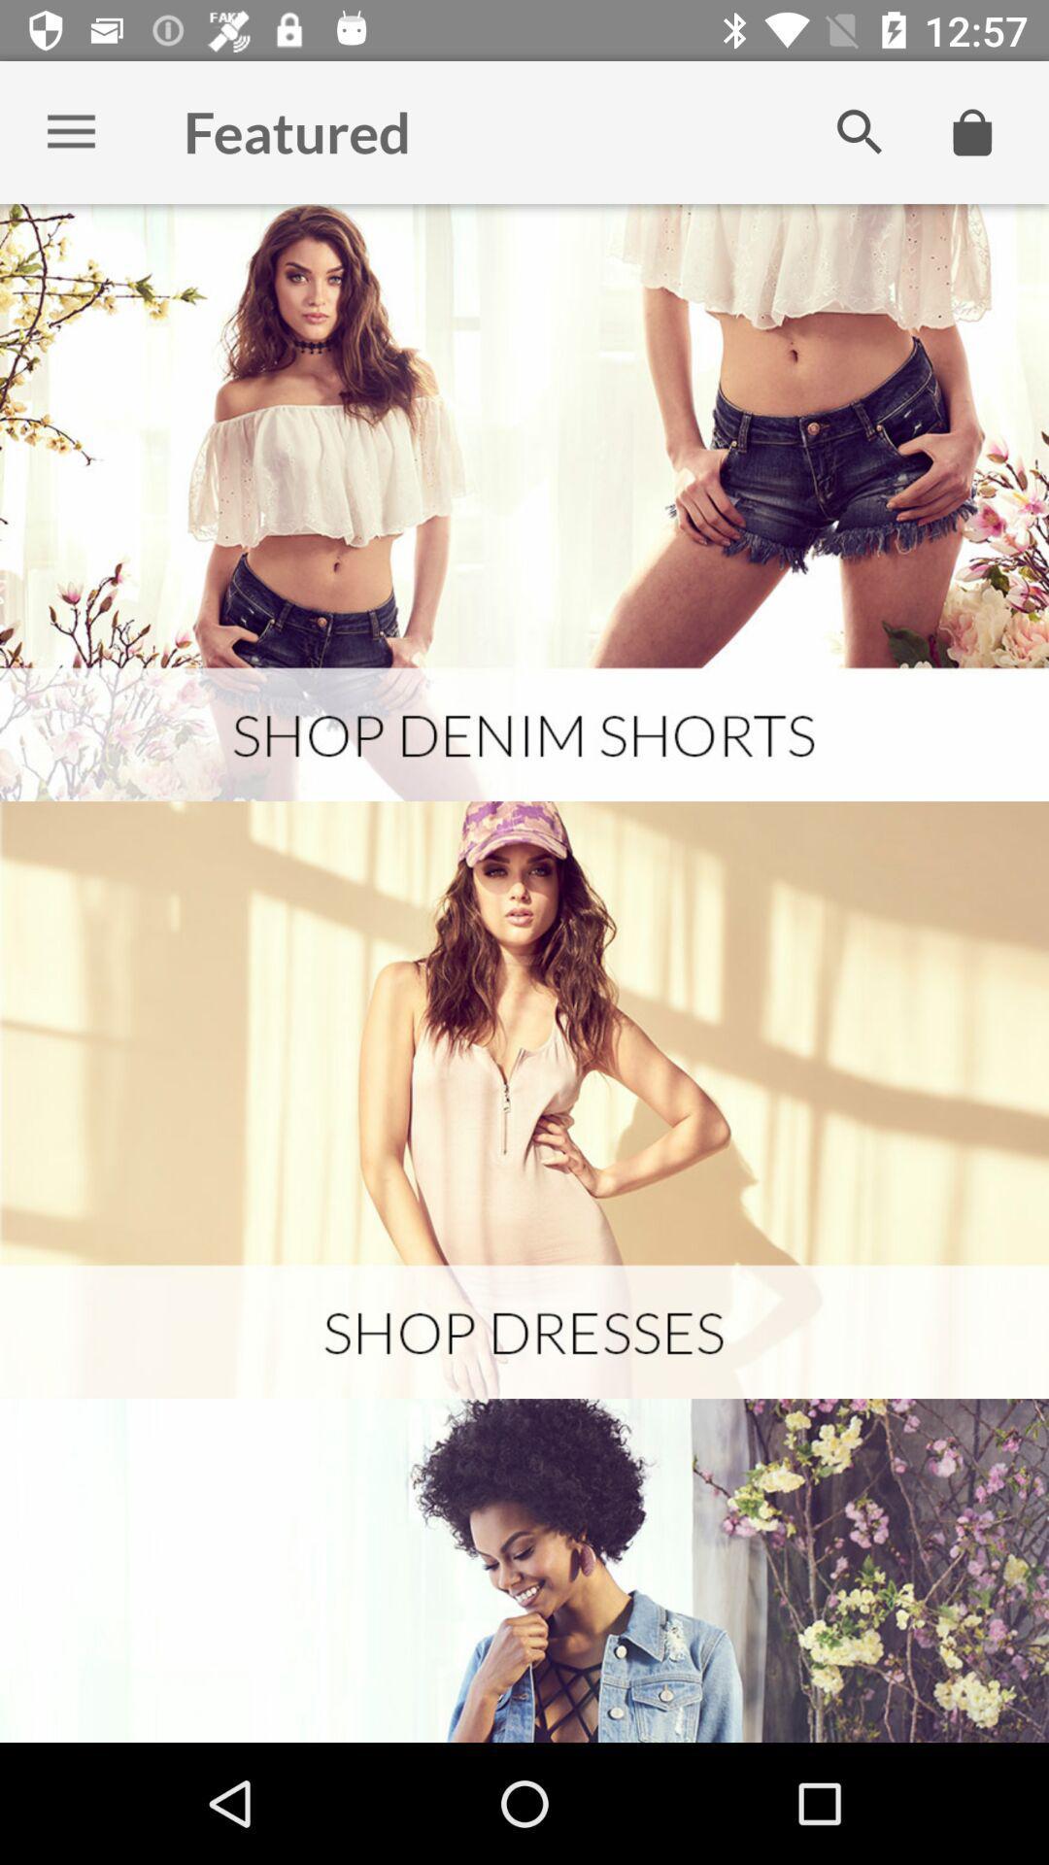 Image resolution: width=1049 pixels, height=1865 pixels. Describe the element at coordinates (524, 502) in the screenshot. I see `display field` at that location.